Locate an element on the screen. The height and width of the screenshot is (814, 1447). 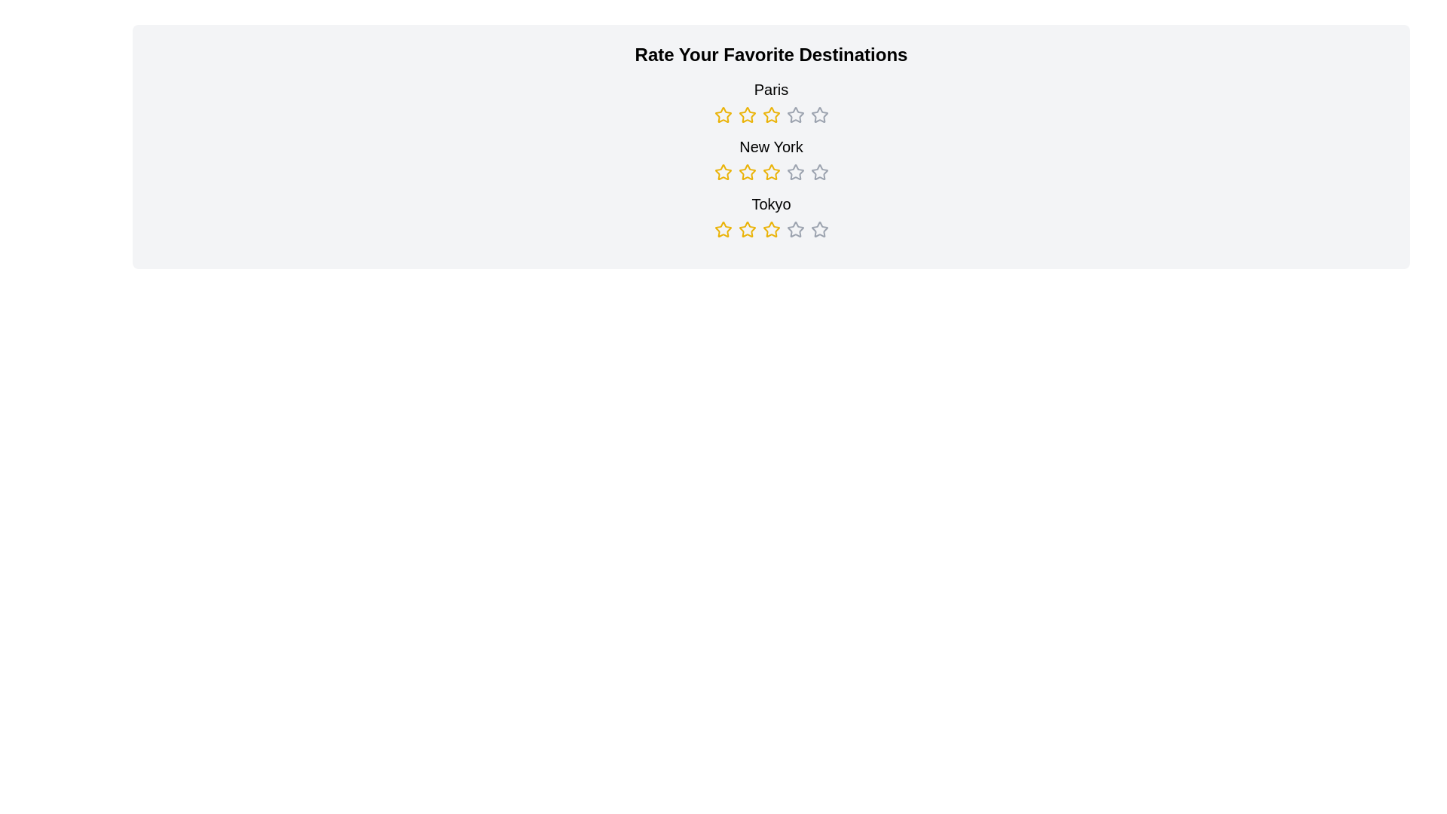
the second yellow star icon in the rating system next to the text 'Paris' is located at coordinates (747, 114).